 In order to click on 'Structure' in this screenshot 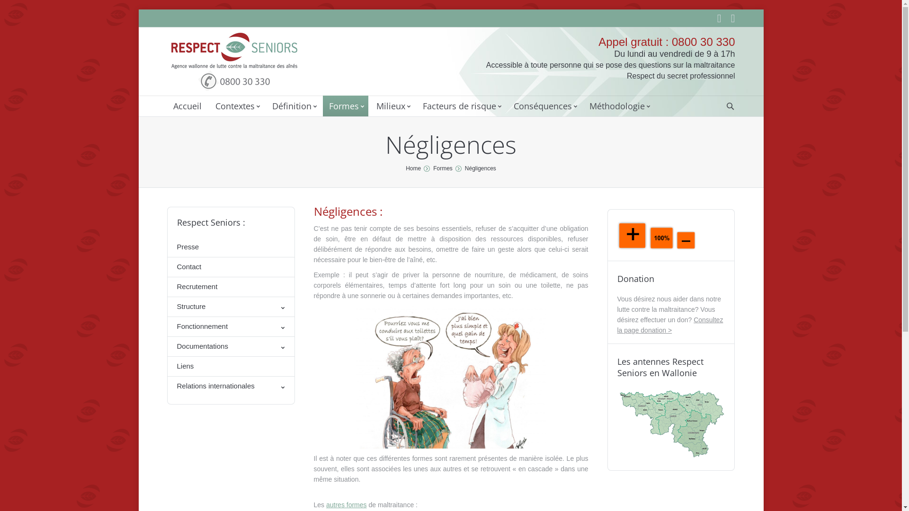, I will do `click(231, 307)`.